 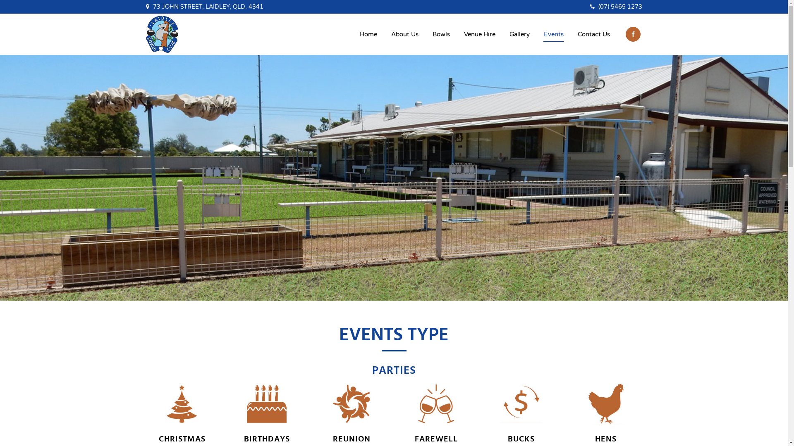 What do you see at coordinates (368, 34) in the screenshot?
I see `'Home'` at bounding box center [368, 34].